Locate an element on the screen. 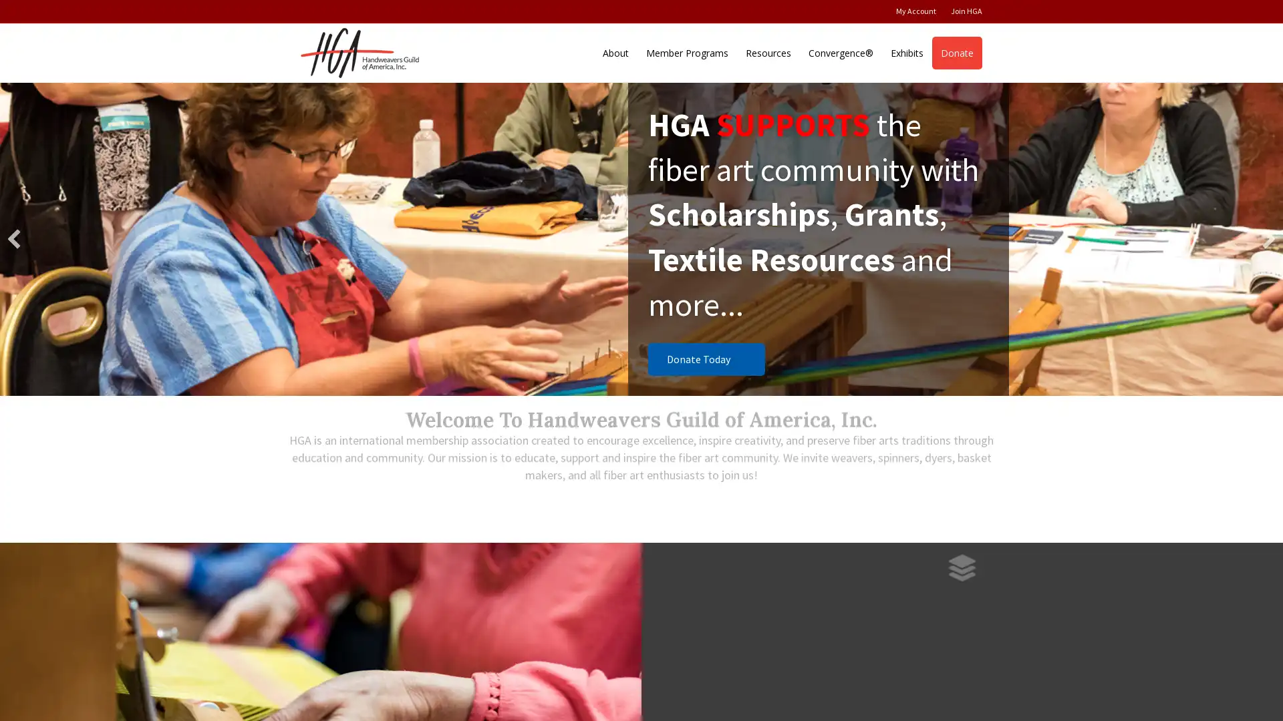 This screenshot has height=721, width=1283. previous is located at coordinates (13, 238).